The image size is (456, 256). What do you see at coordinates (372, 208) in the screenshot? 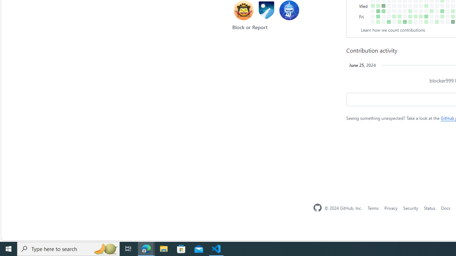
I see `'Terms'` at bounding box center [372, 208].